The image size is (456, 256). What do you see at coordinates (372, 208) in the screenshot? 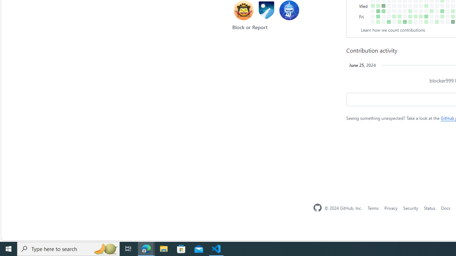
I see `'Terms'` at bounding box center [372, 208].